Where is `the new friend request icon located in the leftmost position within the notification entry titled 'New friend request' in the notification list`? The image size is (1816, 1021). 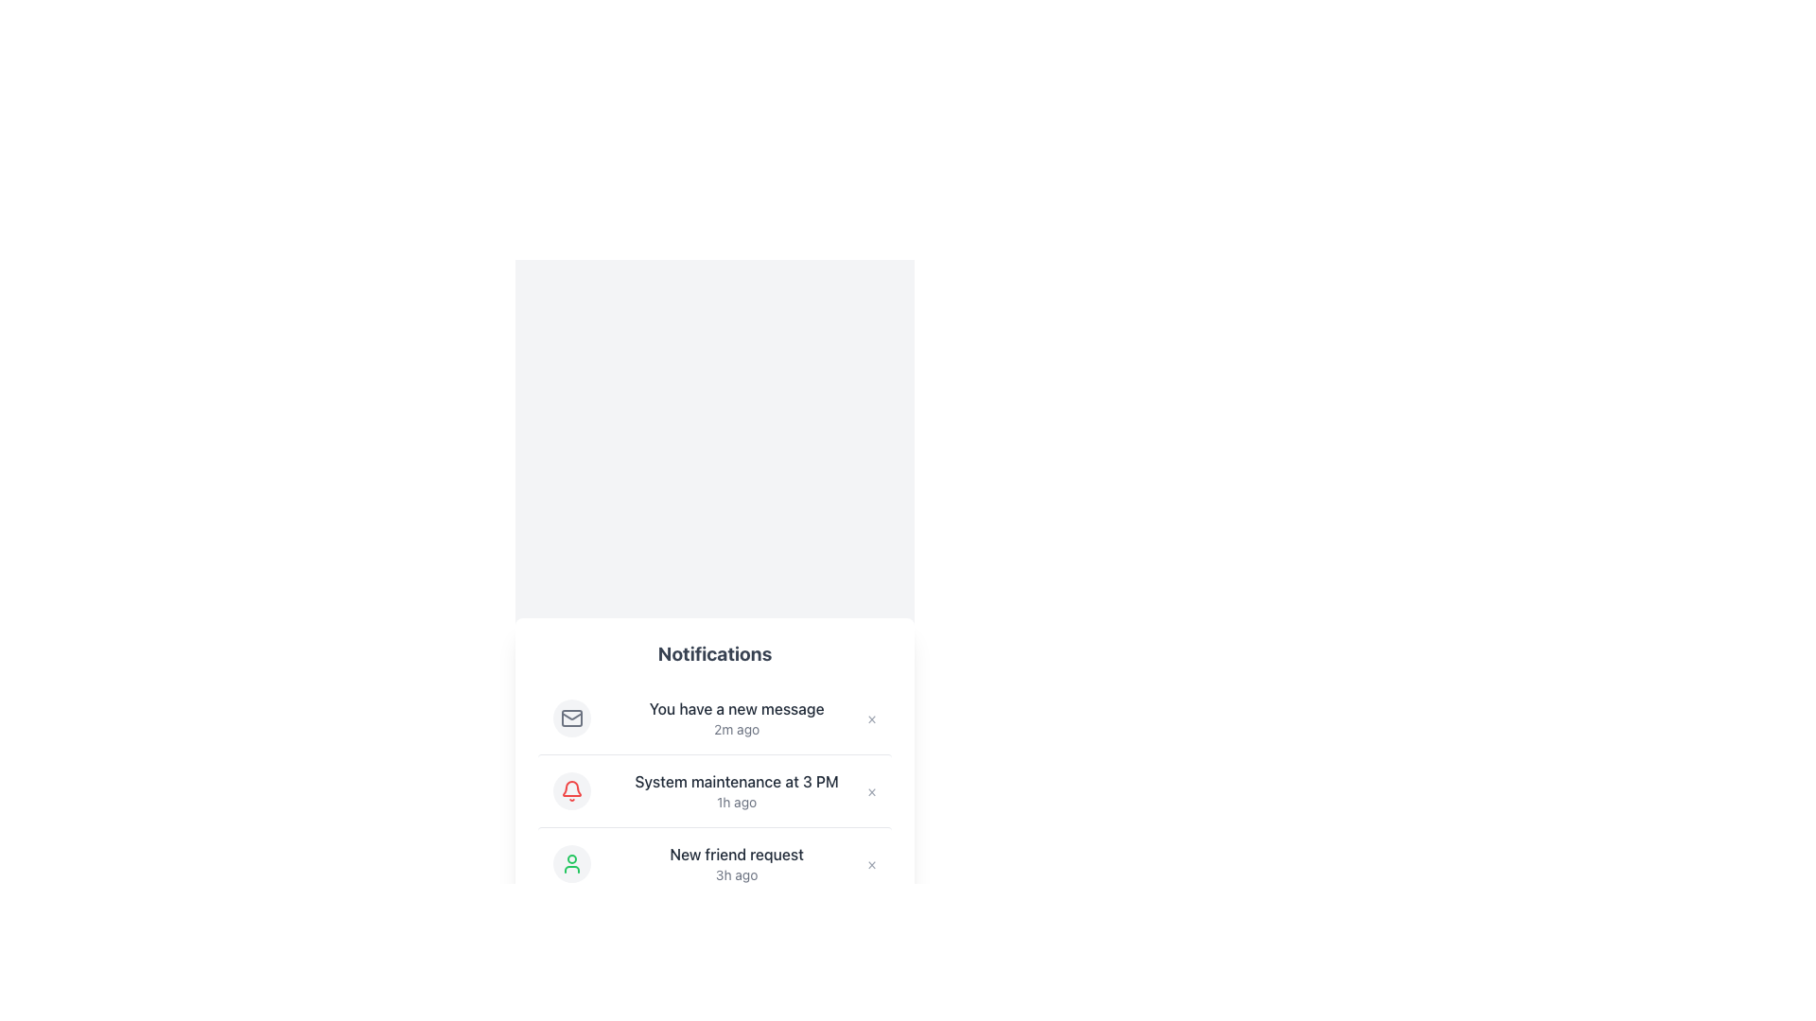
the new friend request icon located in the leftmost position within the notification entry titled 'New friend request' in the notification list is located at coordinates (570, 864).